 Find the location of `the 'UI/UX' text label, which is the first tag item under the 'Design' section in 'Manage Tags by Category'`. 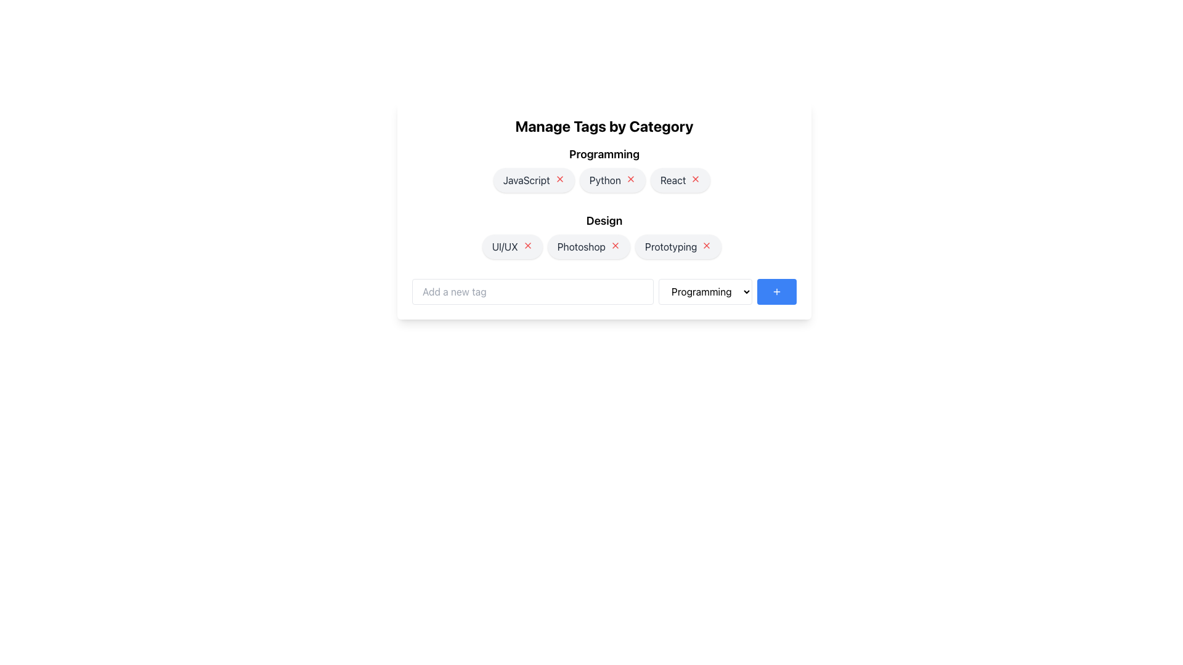

the 'UI/UX' text label, which is the first tag item under the 'Design' section in 'Manage Tags by Category' is located at coordinates (505, 247).